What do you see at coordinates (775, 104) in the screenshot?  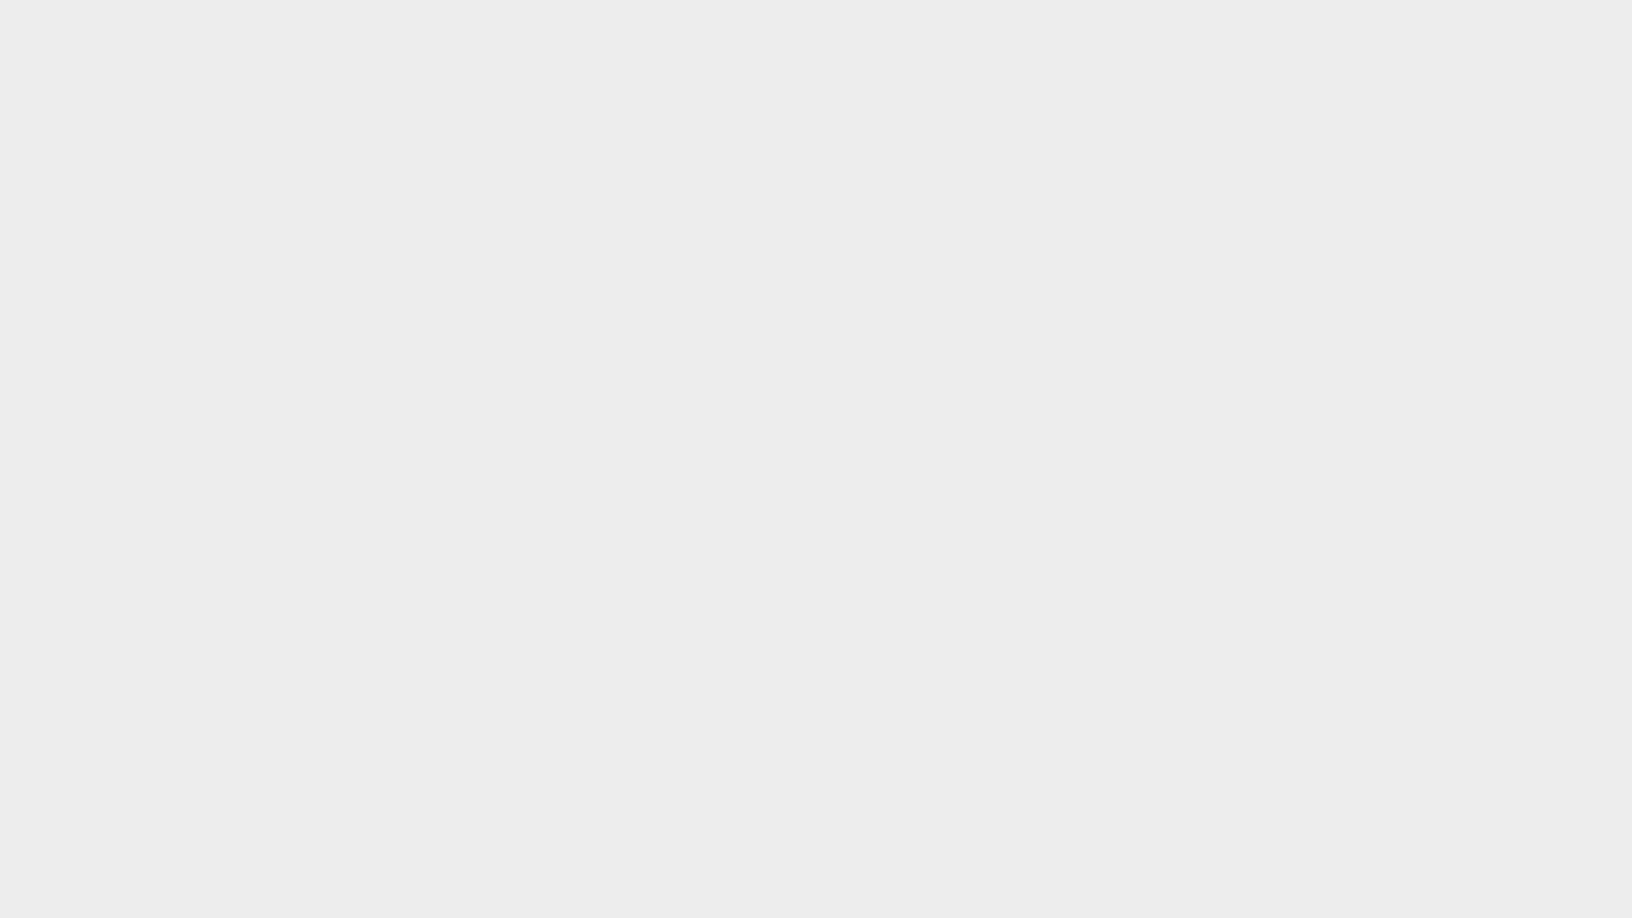 I see `'Connect'` at bounding box center [775, 104].